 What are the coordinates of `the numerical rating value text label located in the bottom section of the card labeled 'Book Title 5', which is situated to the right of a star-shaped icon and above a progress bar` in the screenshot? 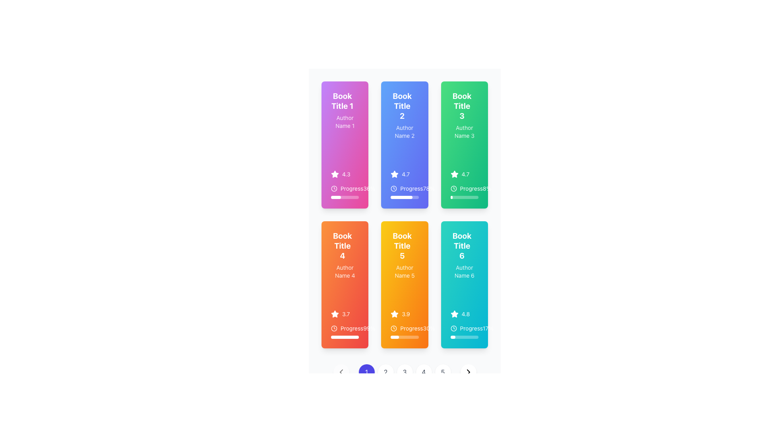 It's located at (406, 313).